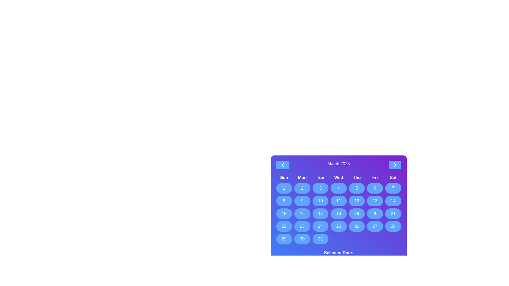 This screenshot has height=286, width=509. I want to click on the text label displaying 'Wed', which is the fourth label in the row of weekday names in the calendar header, so click(338, 178).